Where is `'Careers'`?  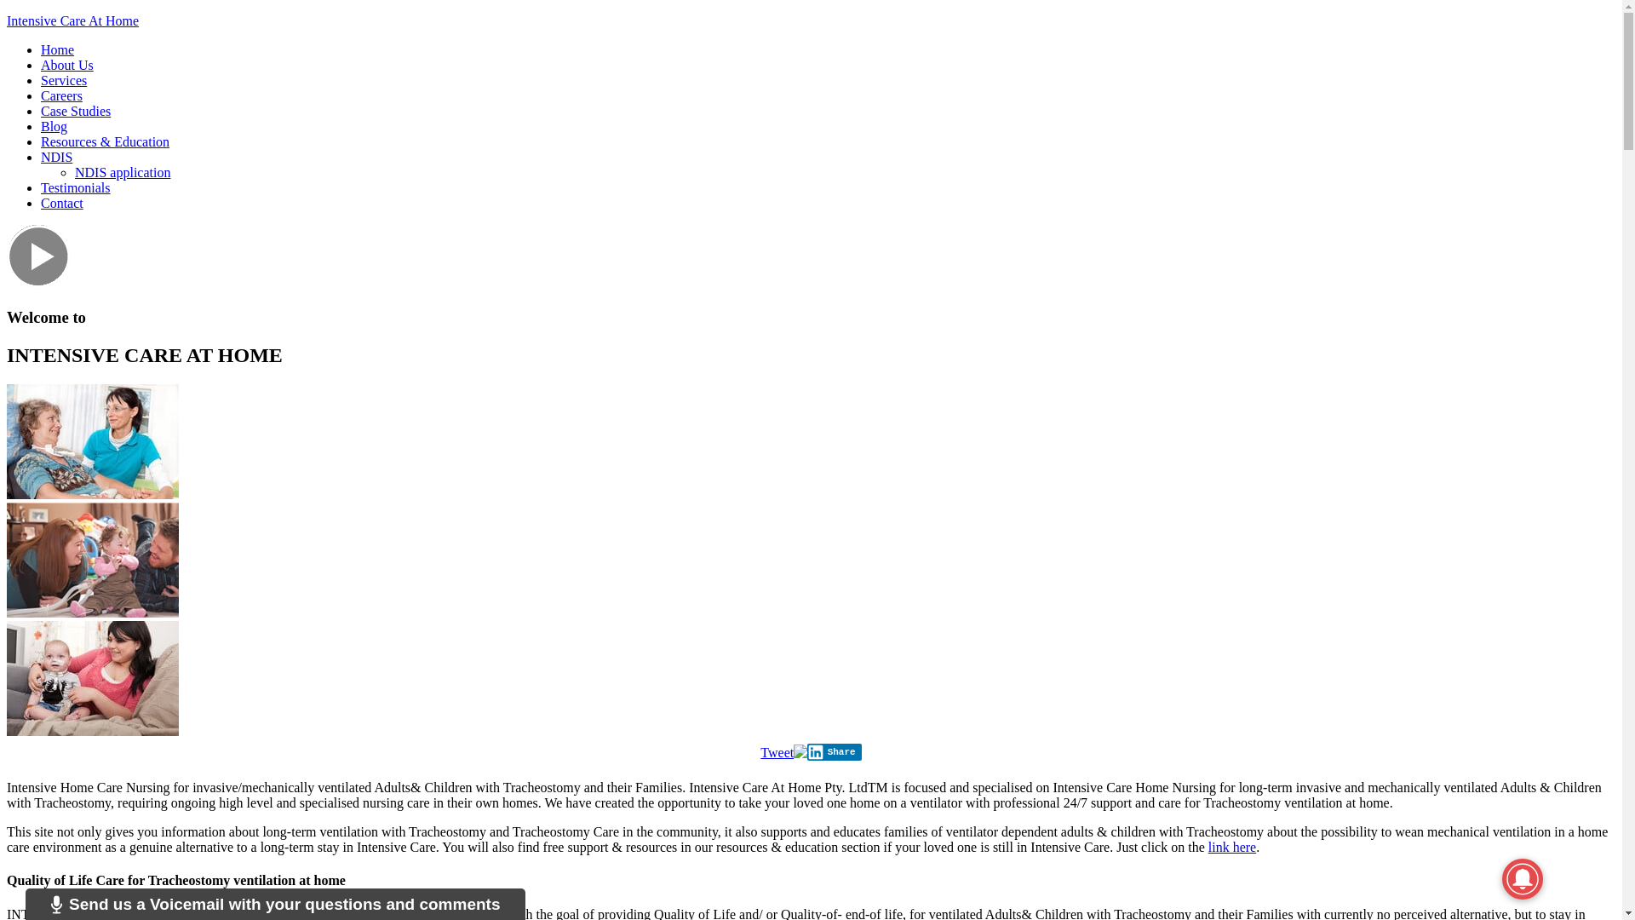
'Careers' is located at coordinates (41, 95).